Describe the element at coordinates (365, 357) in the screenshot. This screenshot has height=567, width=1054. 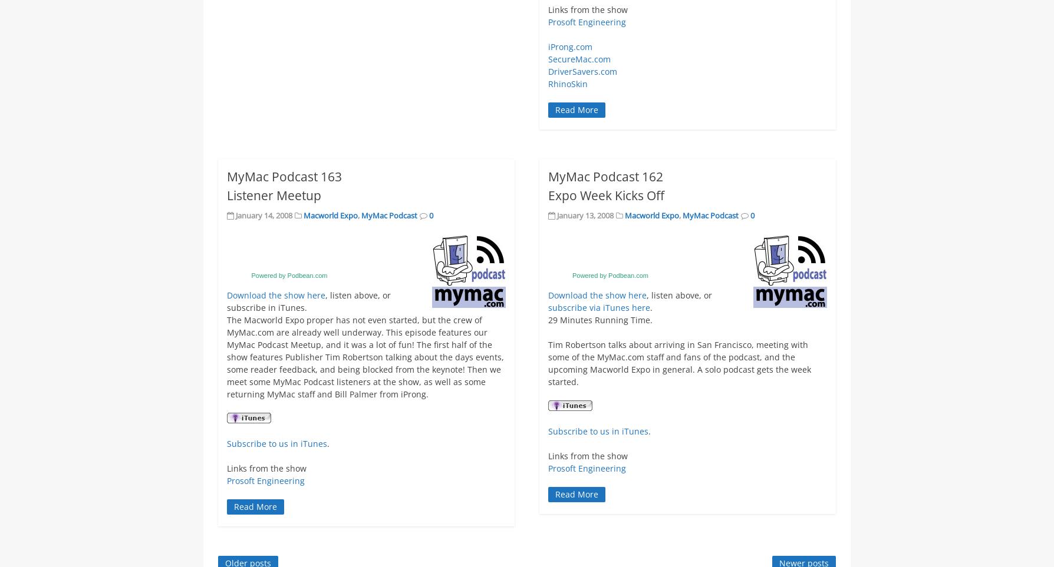
I see `'The Macworld Expo proper has not even started, but the crew of MyMac.com are already well underway. This episode features our MyMac Podcast Meetup, and it was a lot of fun! The first half of the show features Publisher Tim Robertson talking about the days events, some reader feedback, and being blocked from the keynote! Then we meet some MyMac Podcast listeners at the show, as well as some returning MyMac staff and Bill Palmer from iProng.'` at that location.